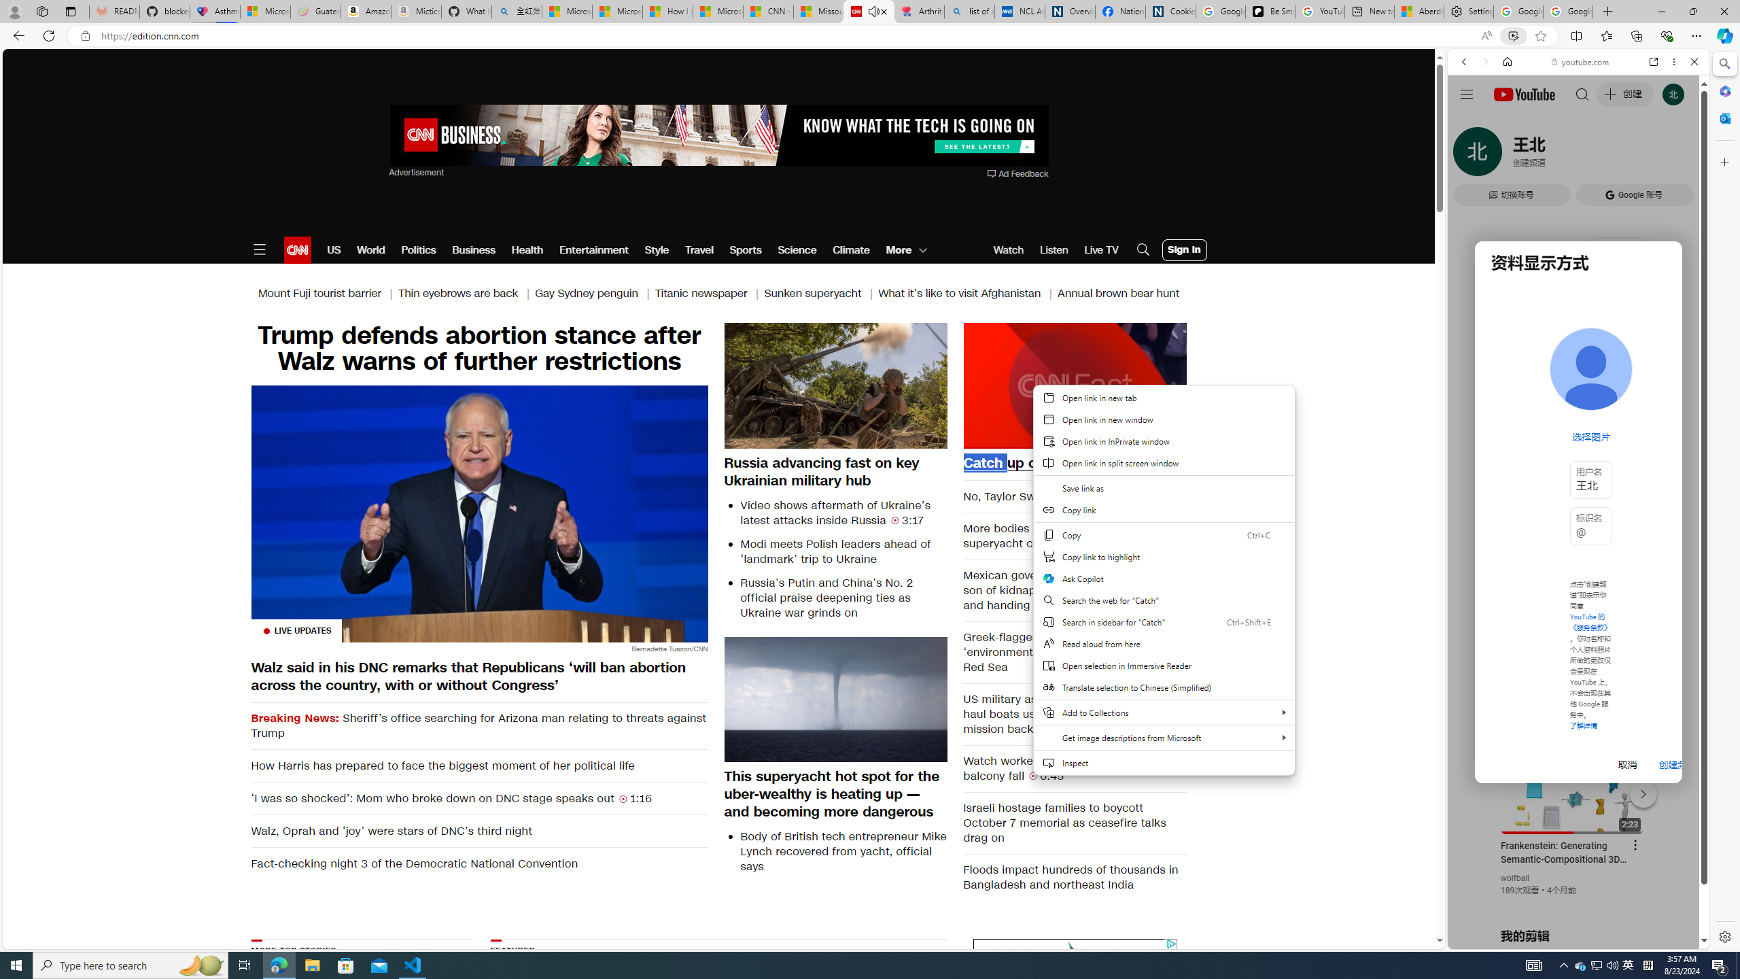  What do you see at coordinates (1164, 712) in the screenshot?
I see `'Add to Collections'` at bounding box center [1164, 712].